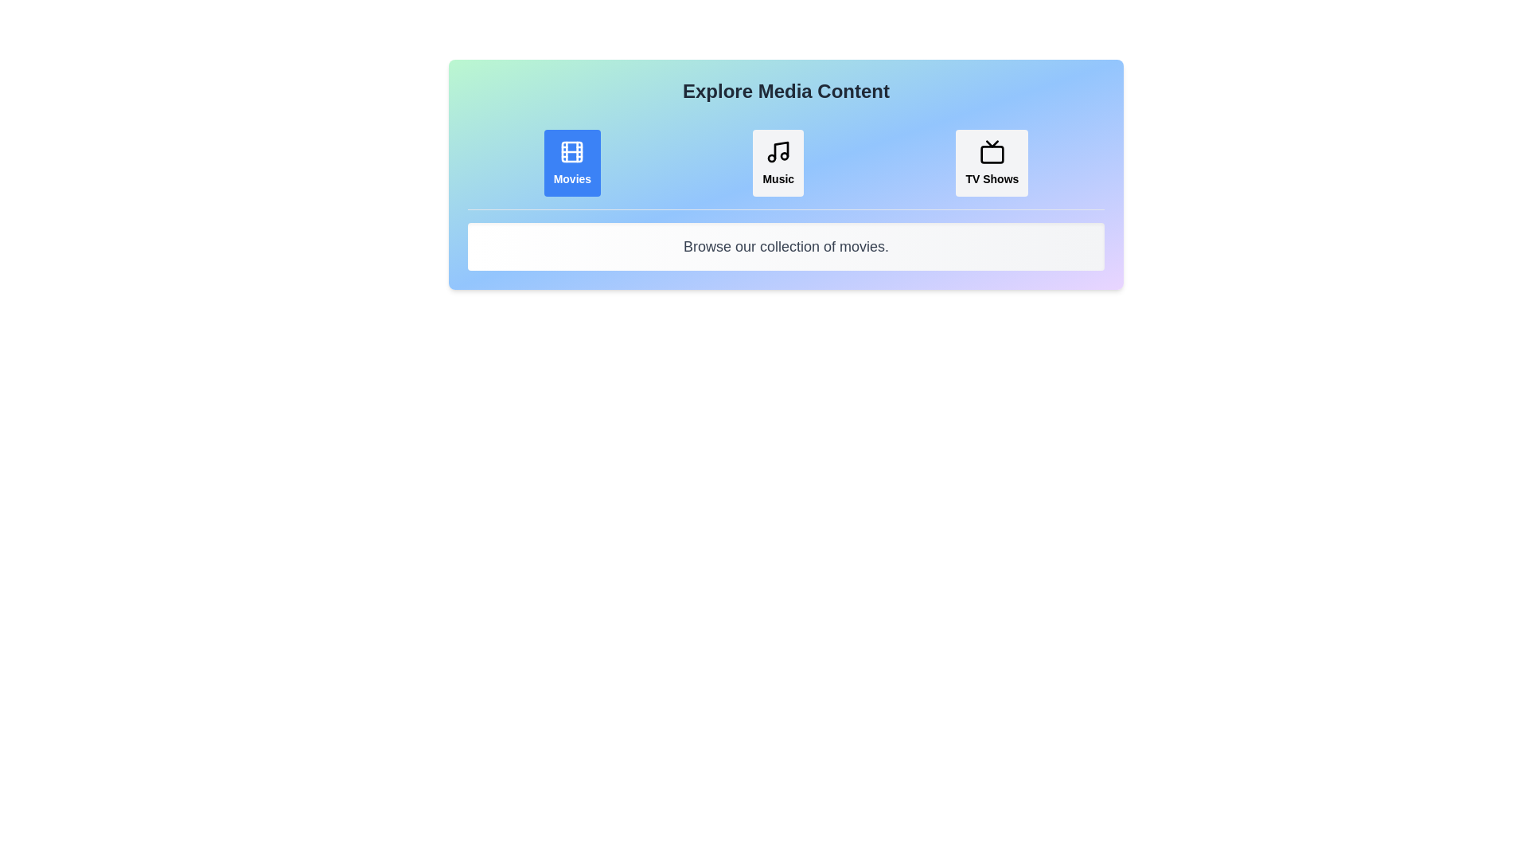 This screenshot has width=1528, height=860. What do you see at coordinates (786, 163) in the screenshot?
I see `the Interactive Button Group` at bounding box center [786, 163].